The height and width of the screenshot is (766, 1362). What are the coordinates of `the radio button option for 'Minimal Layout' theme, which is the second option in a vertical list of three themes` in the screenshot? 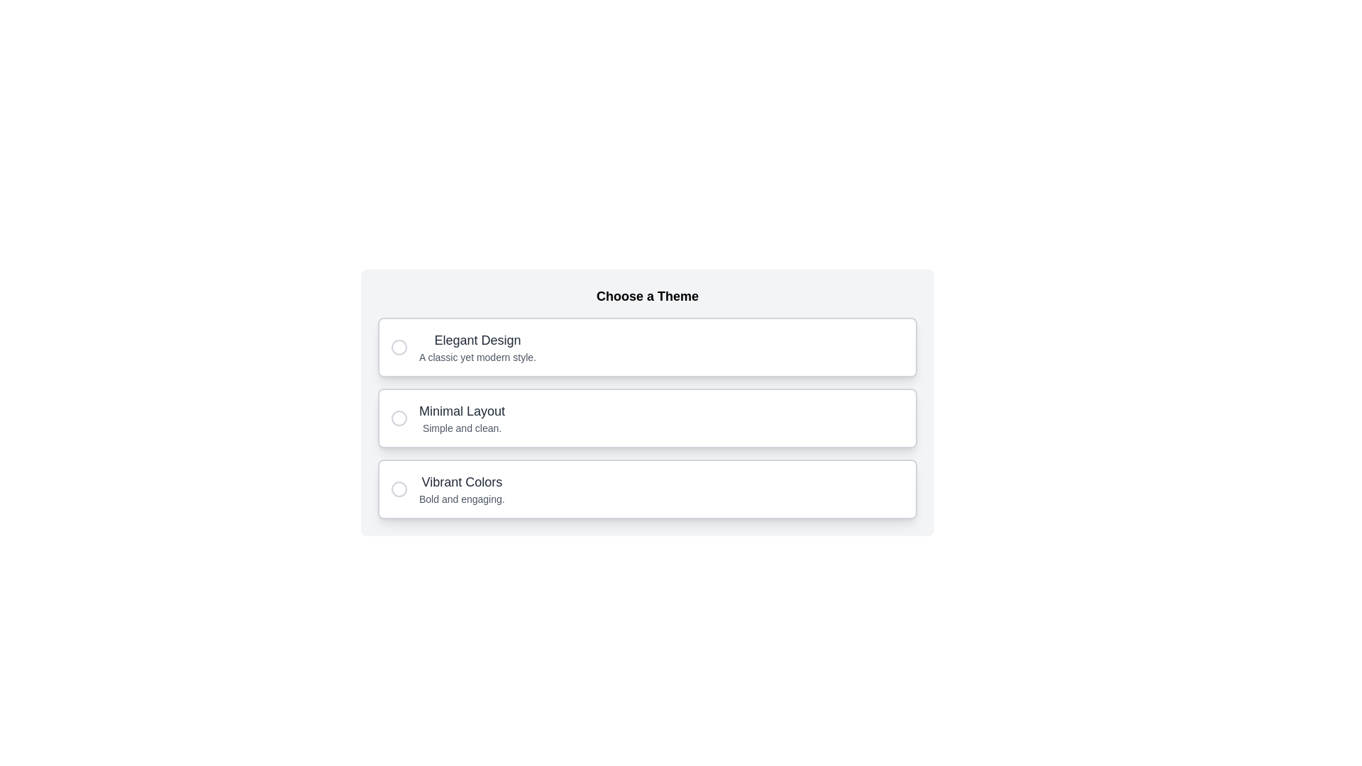 It's located at (646, 402).